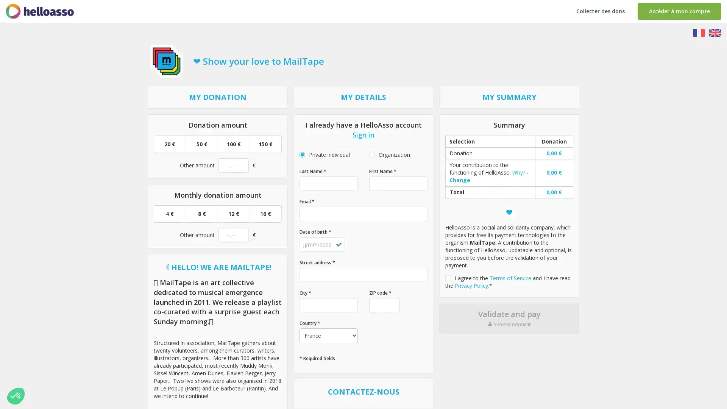 This screenshot has width=727, height=409. Describe the element at coordinates (16, 395) in the screenshot. I see `Non merci` at that location.